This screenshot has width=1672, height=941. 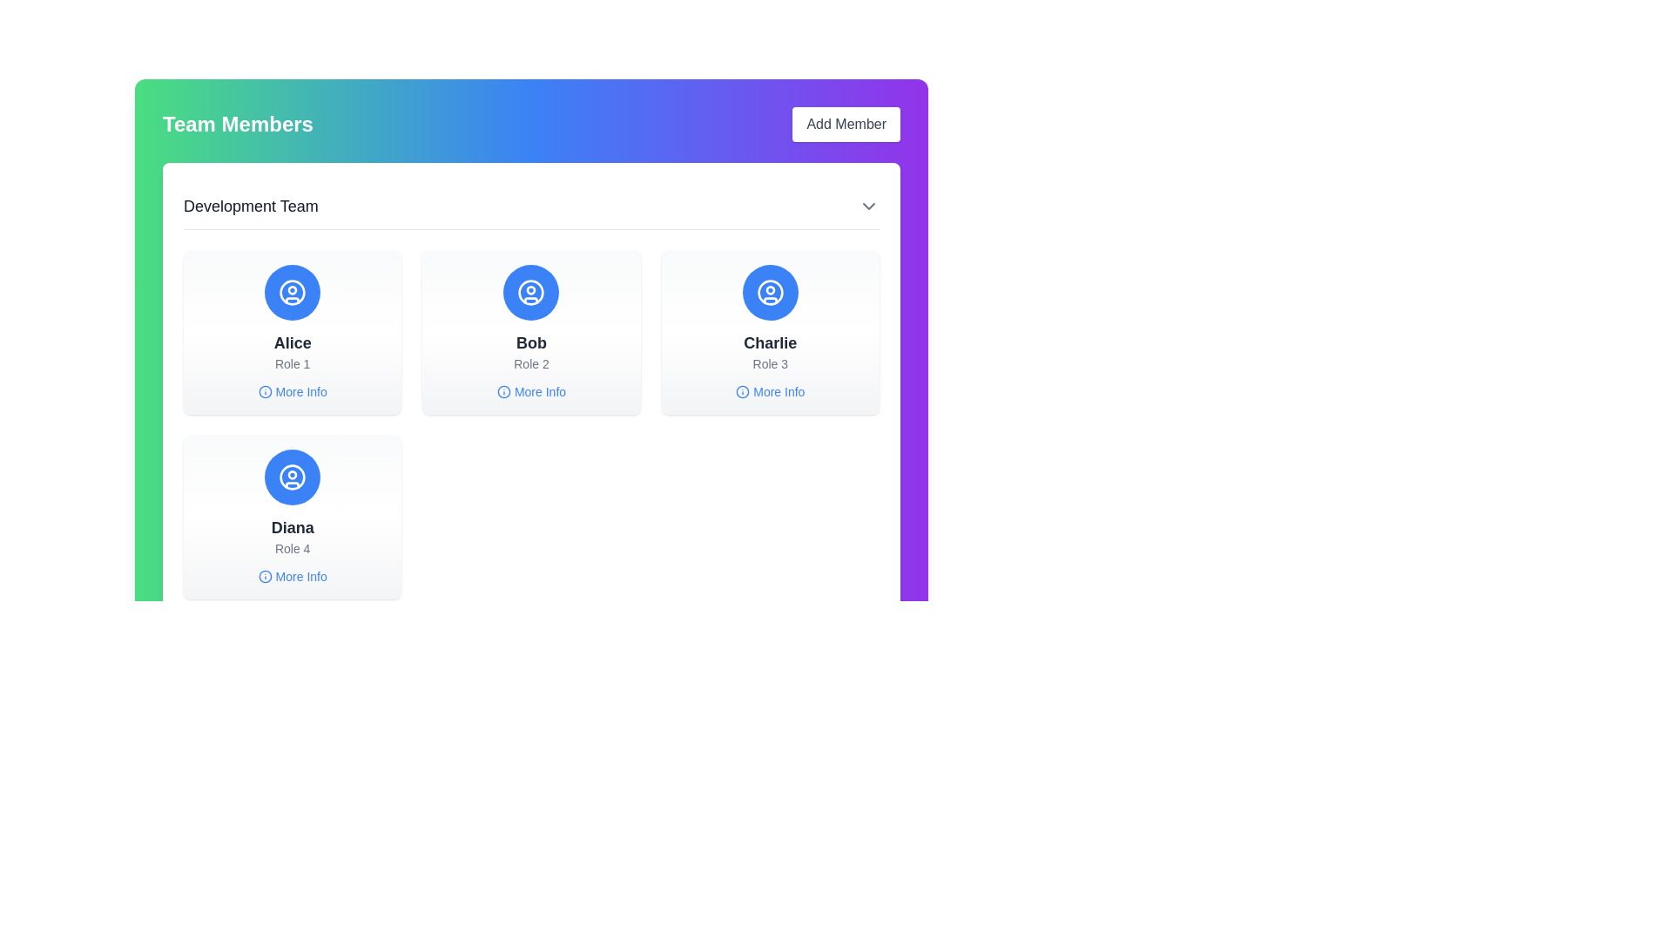 I want to click on the clickable link with an icon located at the bottom center of Bob's profile card, so click(x=530, y=392).